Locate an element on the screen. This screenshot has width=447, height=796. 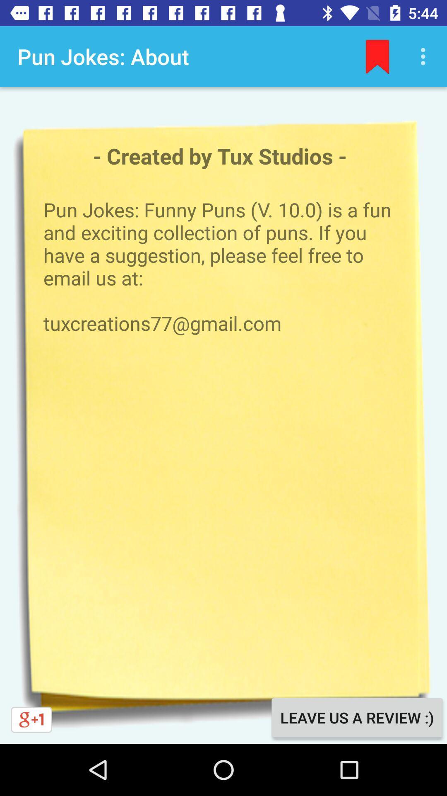
item next to the pun jokes: about icon is located at coordinates (377, 56).